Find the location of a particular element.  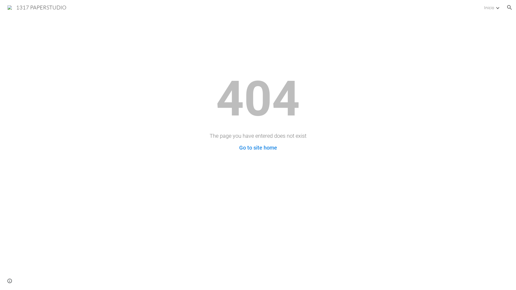

'Inicio' is located at coordinates (489, 7).